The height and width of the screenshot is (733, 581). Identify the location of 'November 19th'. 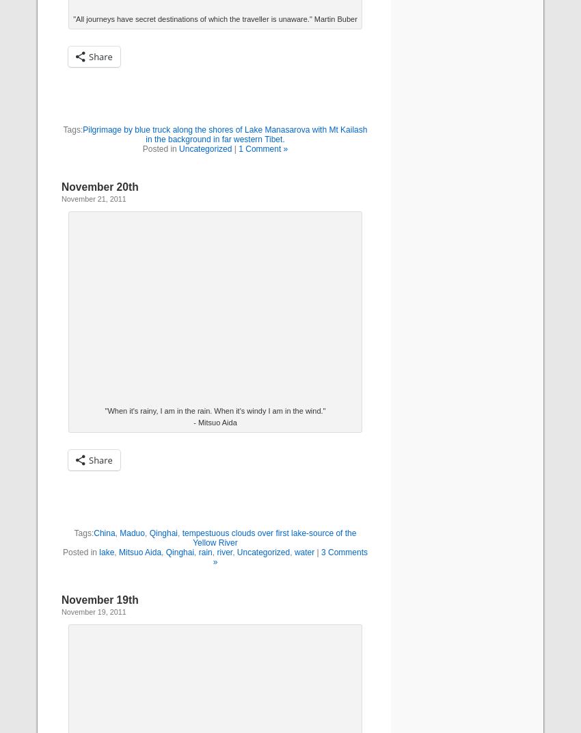
(100, 599).